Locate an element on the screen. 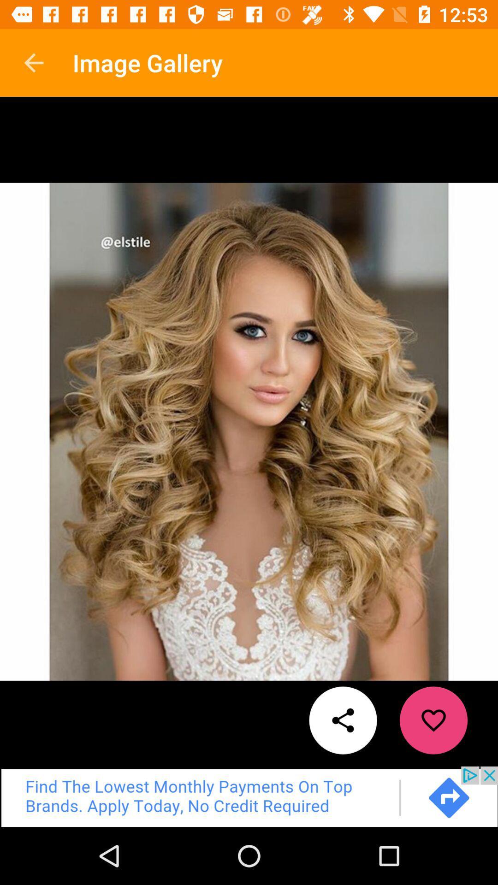 This screenshot has height=885, width=498. share the article is located at coordinates (343, 720).